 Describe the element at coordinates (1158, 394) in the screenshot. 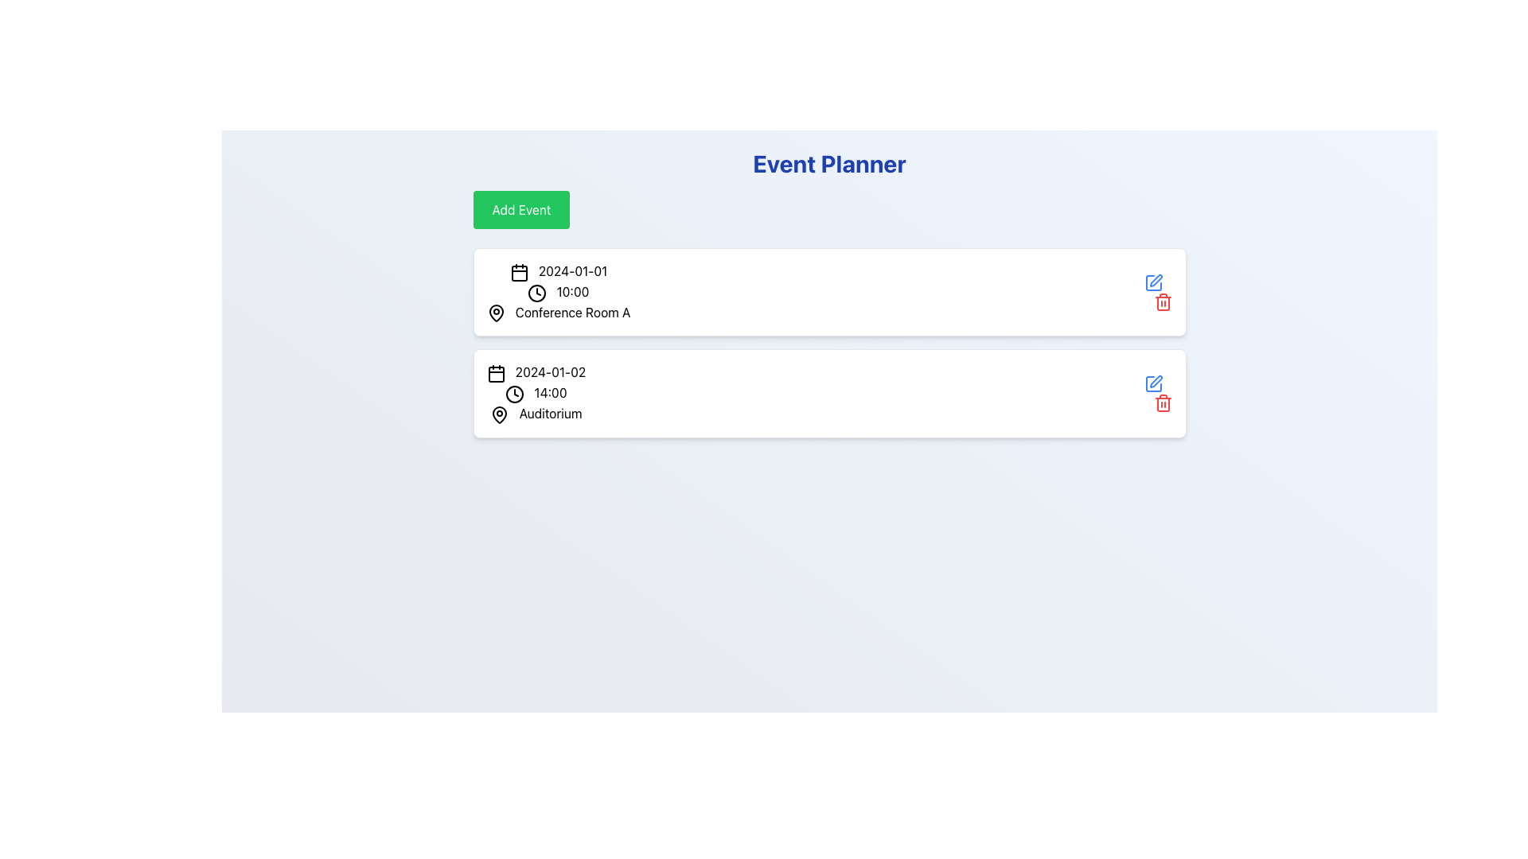

I see `the delete icon button positioned in the lower event item` at that location.